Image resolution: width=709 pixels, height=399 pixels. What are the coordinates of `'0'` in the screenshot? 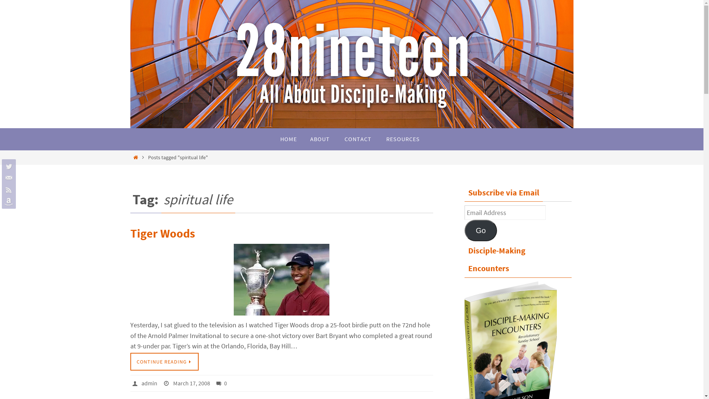 It's located at (215, 383).